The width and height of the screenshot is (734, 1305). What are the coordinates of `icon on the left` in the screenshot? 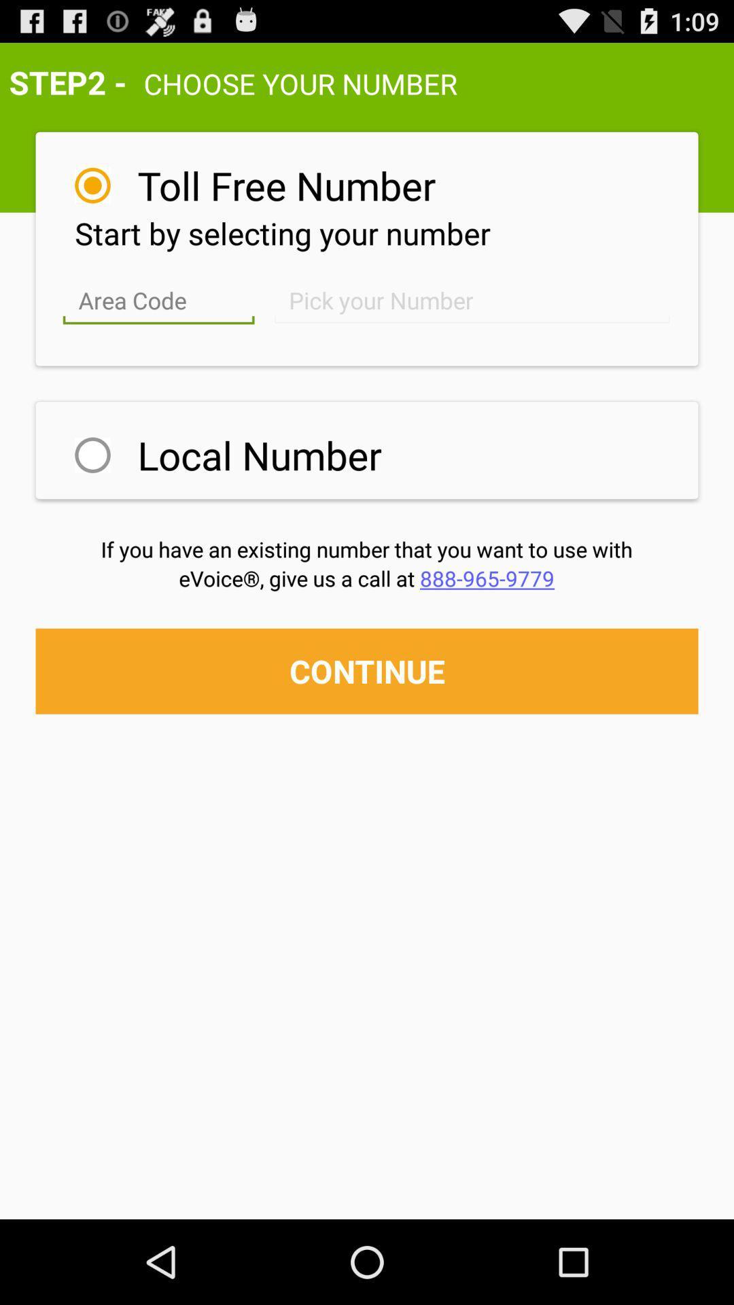 It's located at (92, 455).